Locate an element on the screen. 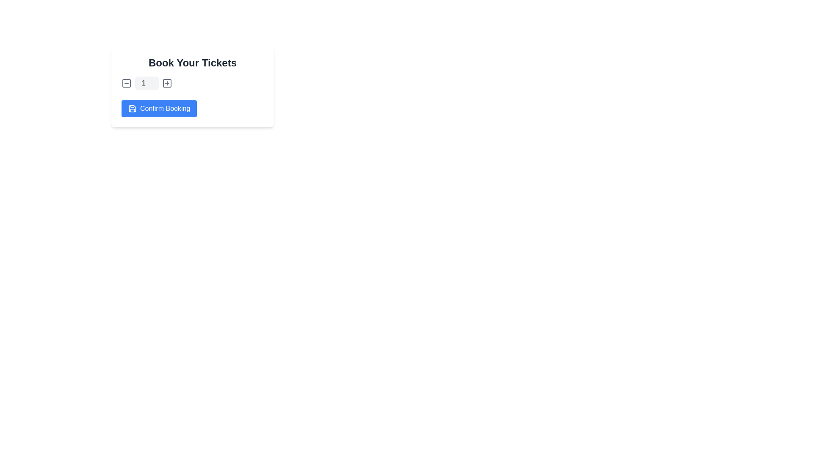  the confirm button located at the bottom right of the 'Book Your Tickets' card to initiate the booking process is located at coordinates (159, 108).